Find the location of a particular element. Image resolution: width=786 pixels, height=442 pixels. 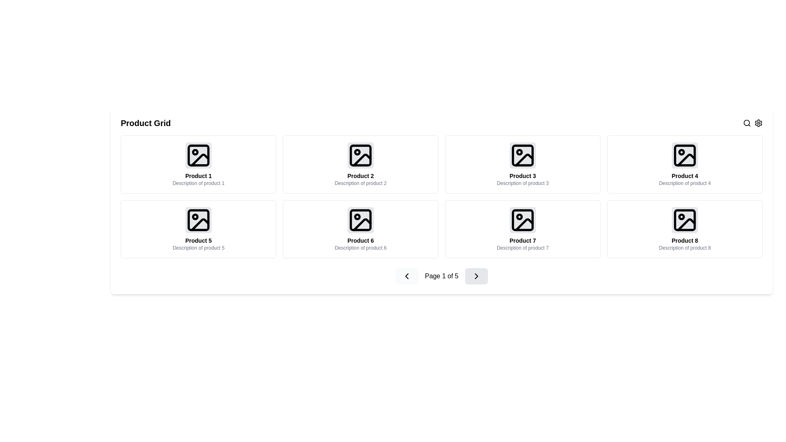

the product listing card component located in the upper left corner of the grid is located at coordinates (198, 164).